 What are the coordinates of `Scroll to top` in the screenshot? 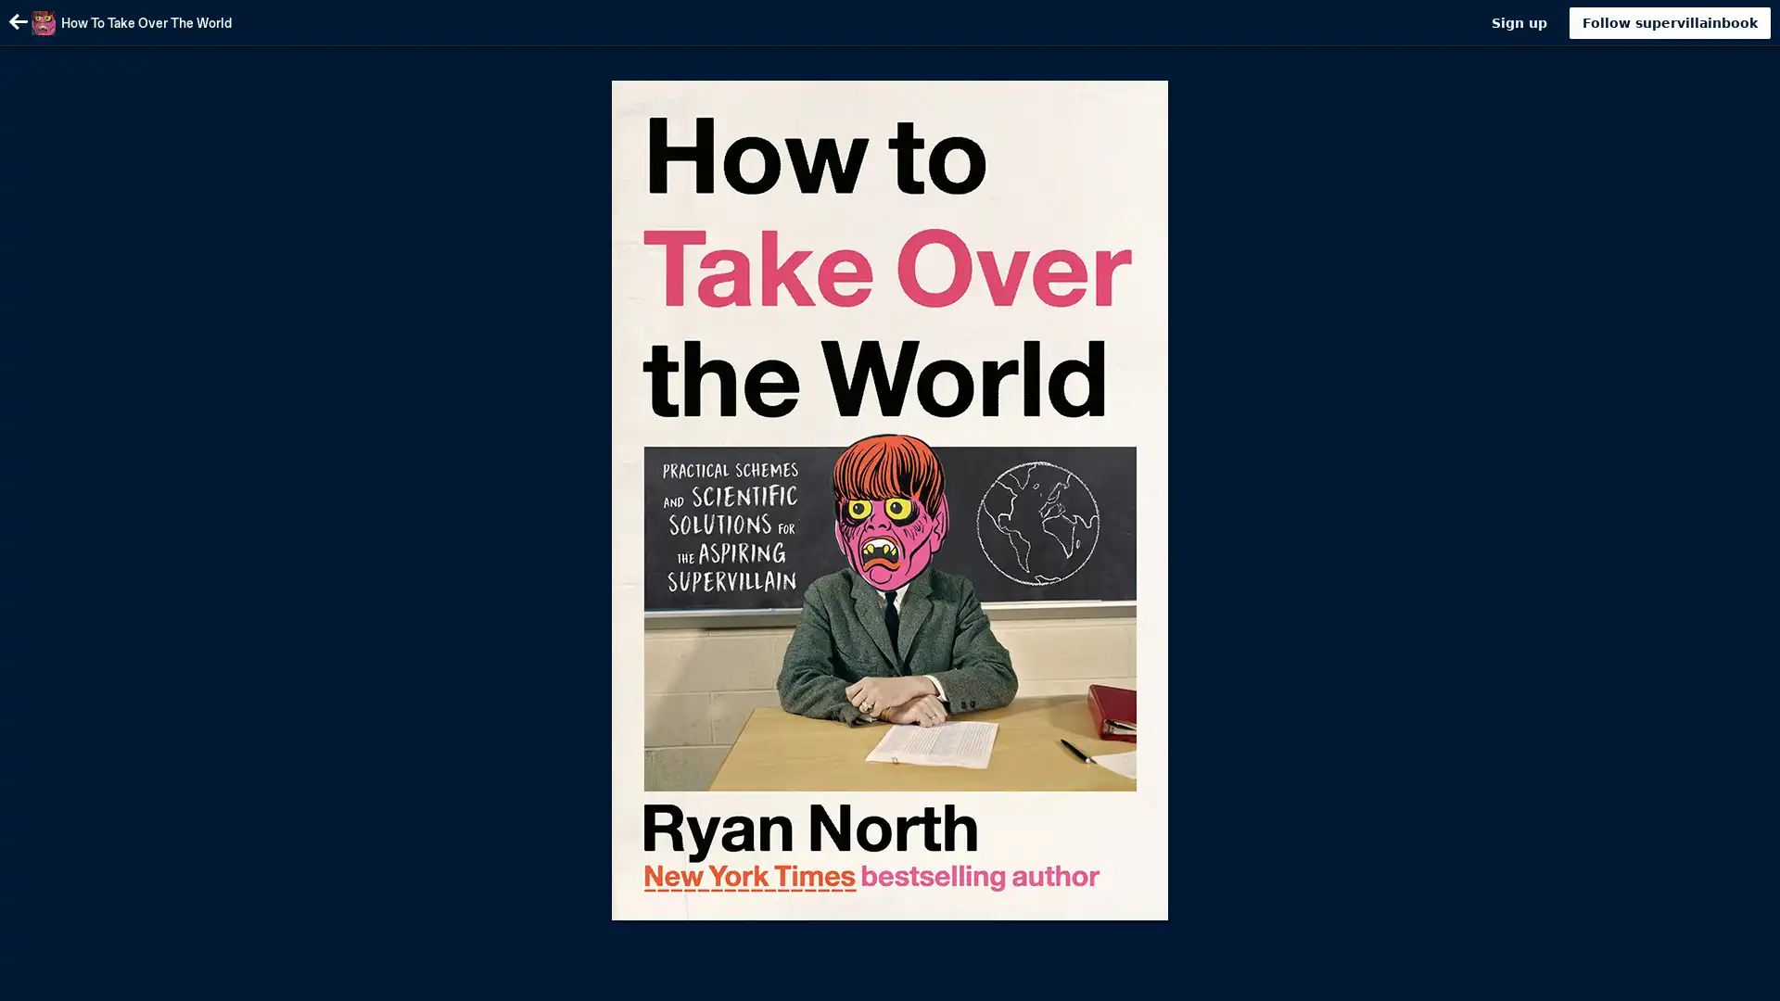 It's located at (1743, 980).